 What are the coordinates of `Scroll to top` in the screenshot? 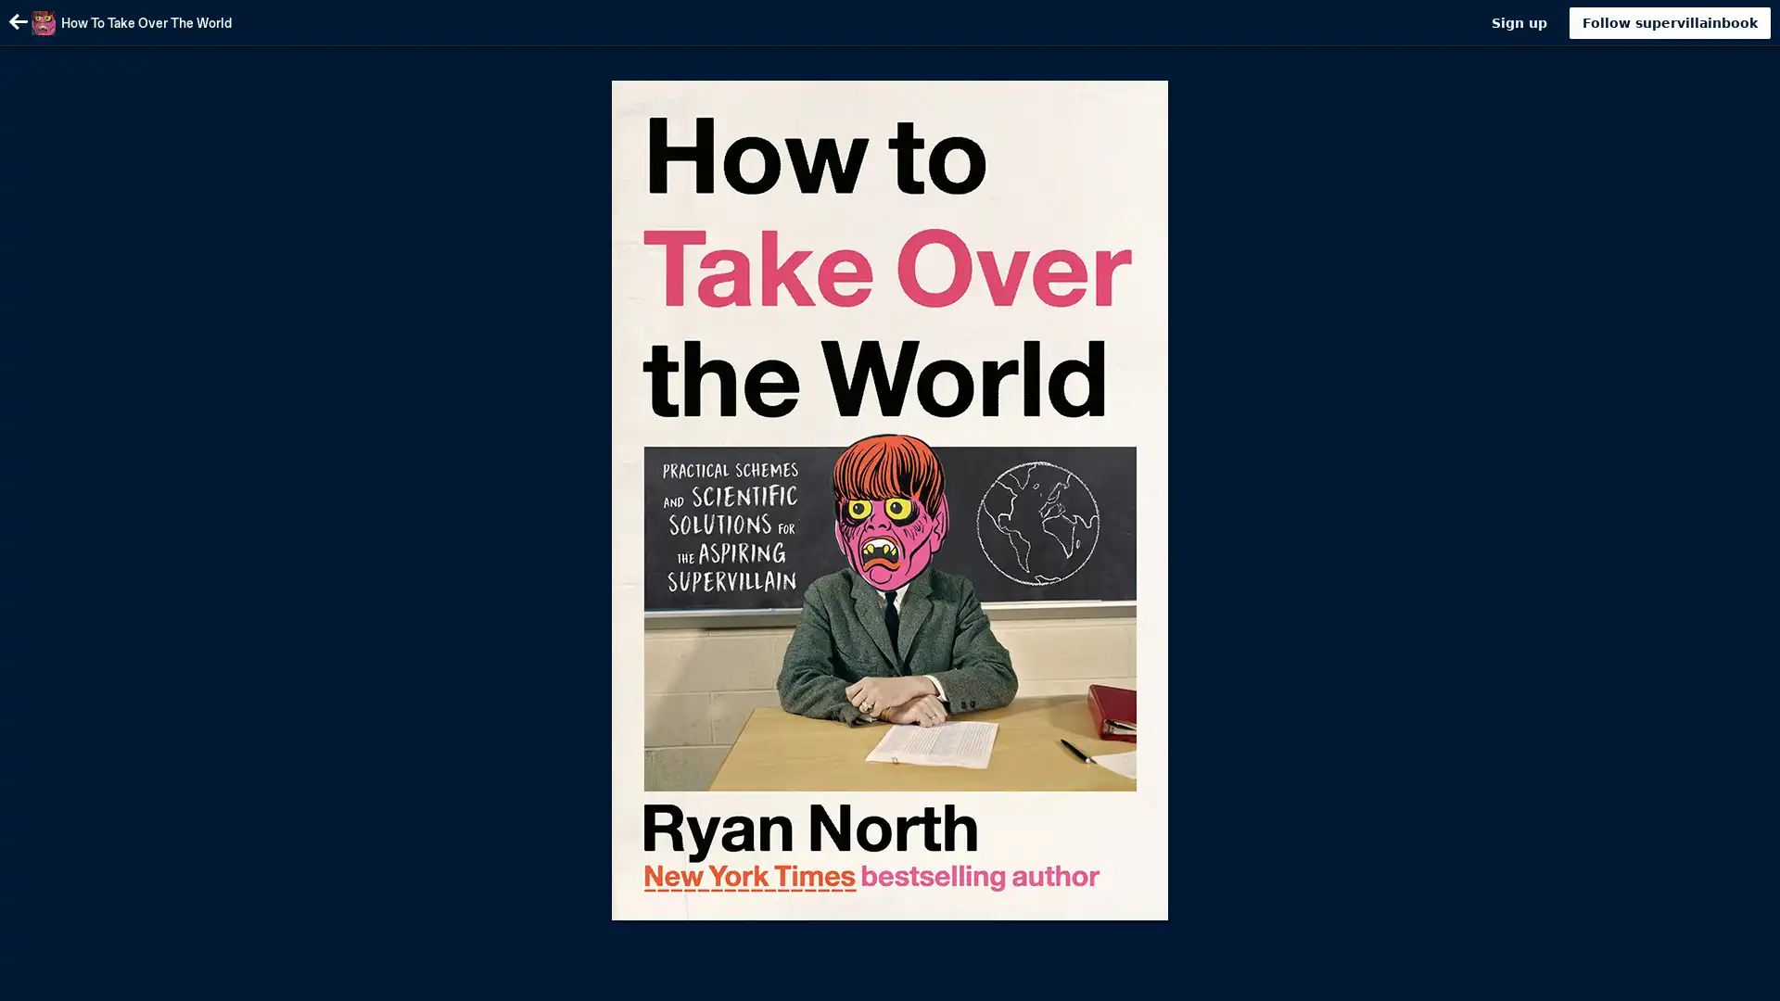 It's located at (1743, 980).